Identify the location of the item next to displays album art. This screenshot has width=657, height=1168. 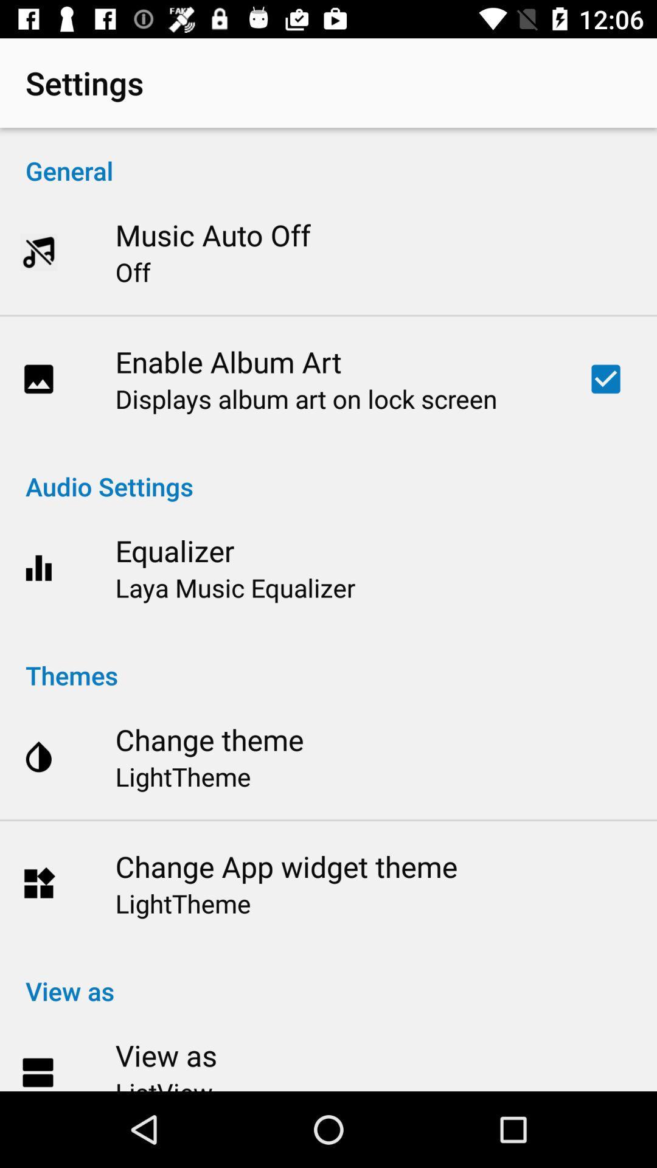
(605, 378).